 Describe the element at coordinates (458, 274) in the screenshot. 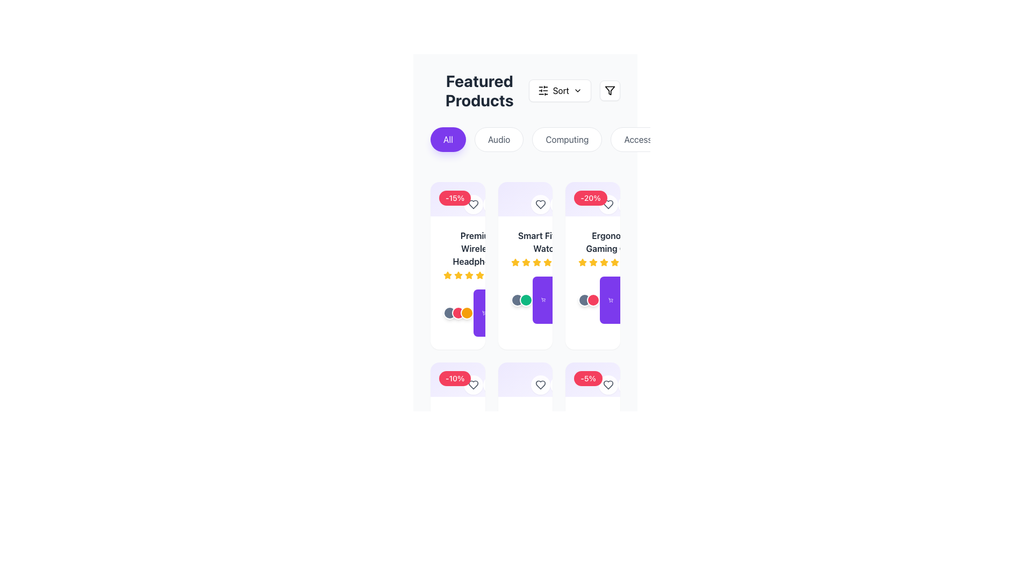

I see `the second star icon` at that location.